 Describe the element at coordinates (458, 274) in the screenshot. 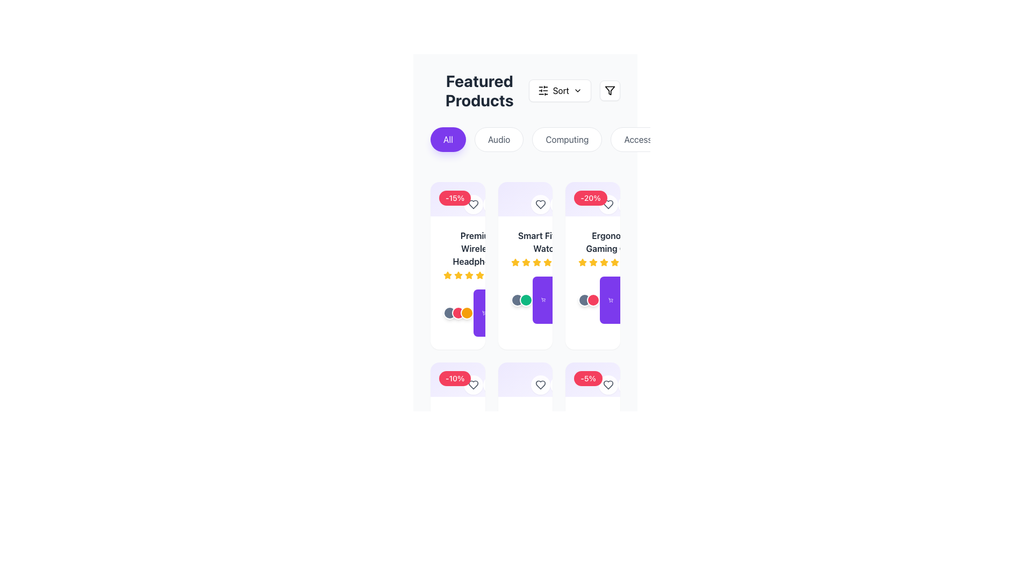

I see `the second star icon` at that location.